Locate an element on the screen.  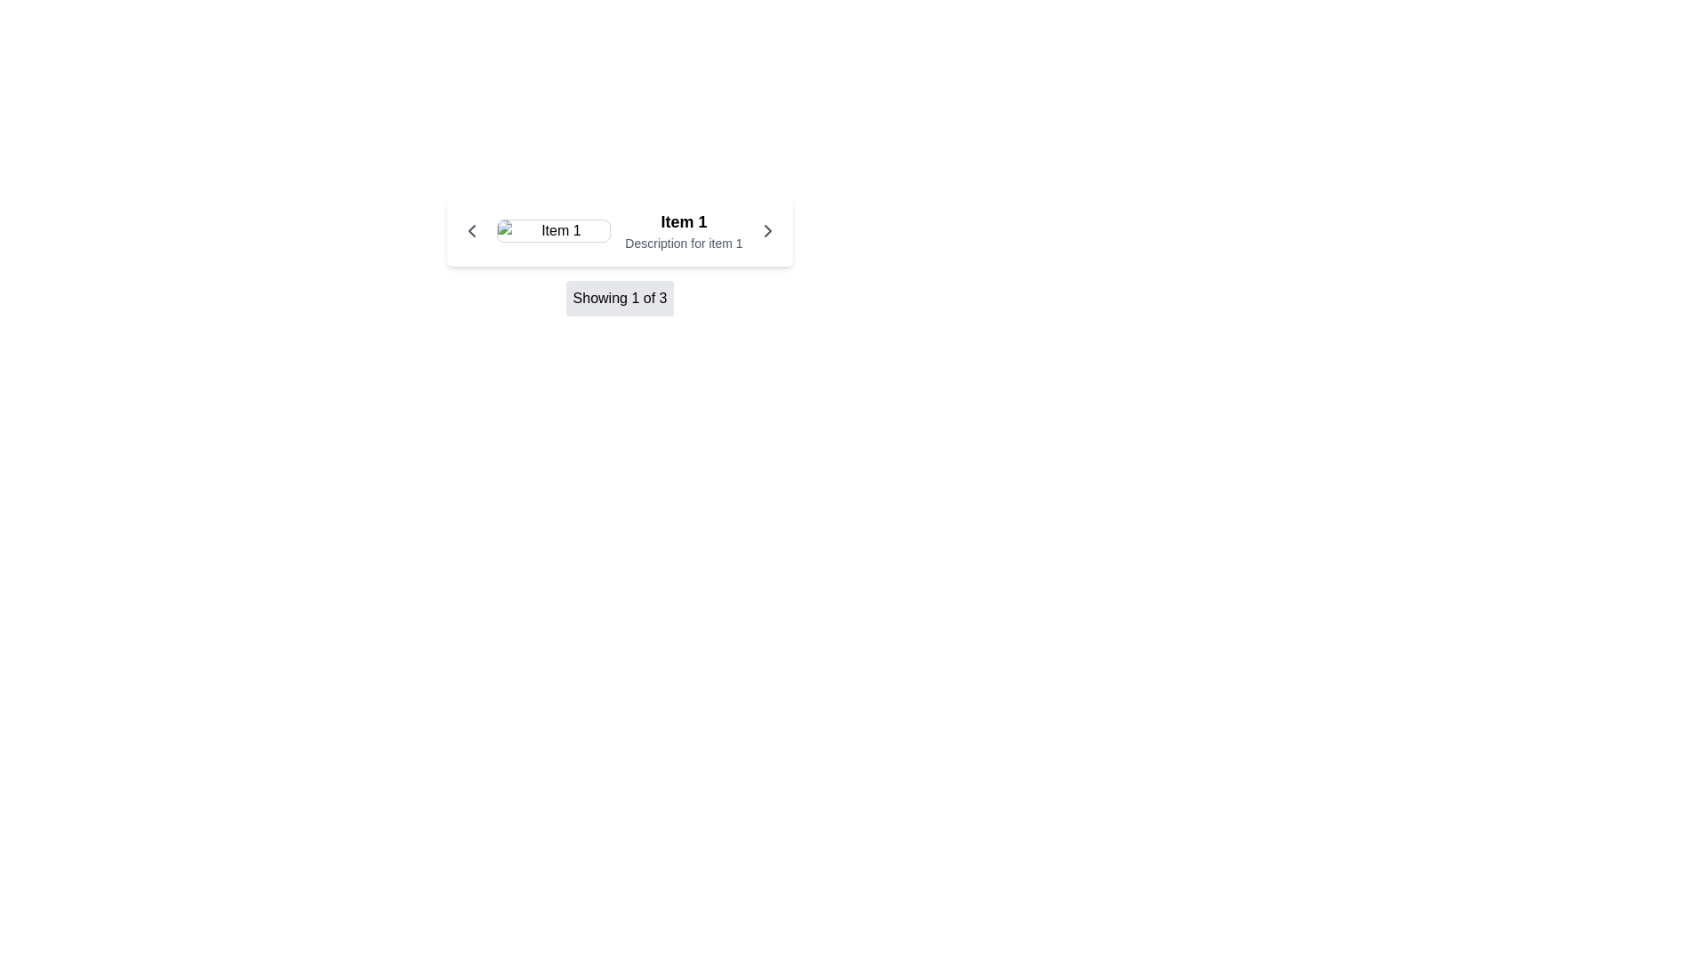
information displayed in the label element that shows 'Showing 1 of 3' located in a light gray rounded rectangle below the navigation section is located at coordinates (620, 297).